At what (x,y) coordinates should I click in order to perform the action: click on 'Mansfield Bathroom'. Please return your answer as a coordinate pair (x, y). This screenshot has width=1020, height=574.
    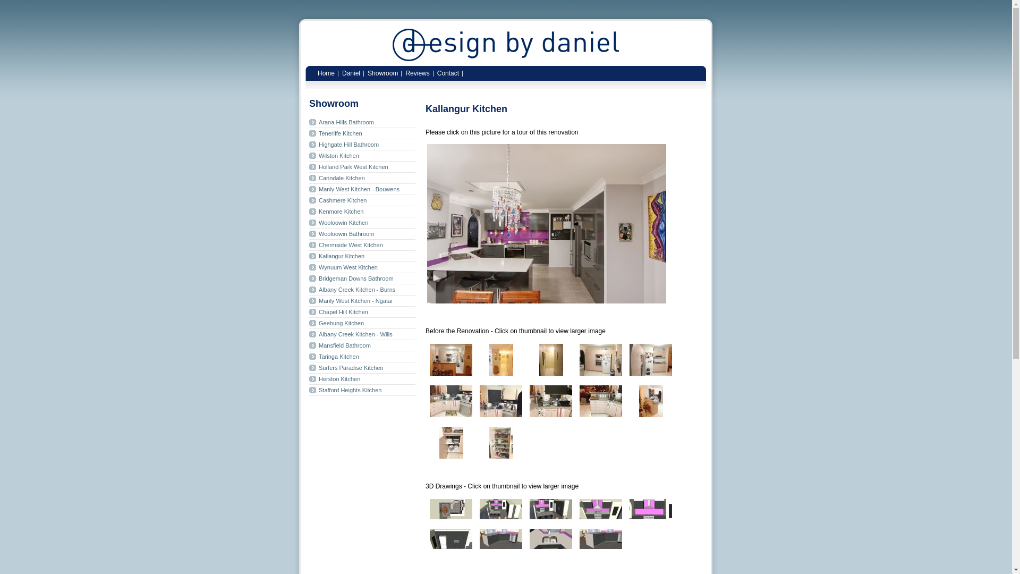
    Looking at the image, I should click on (362, 345).